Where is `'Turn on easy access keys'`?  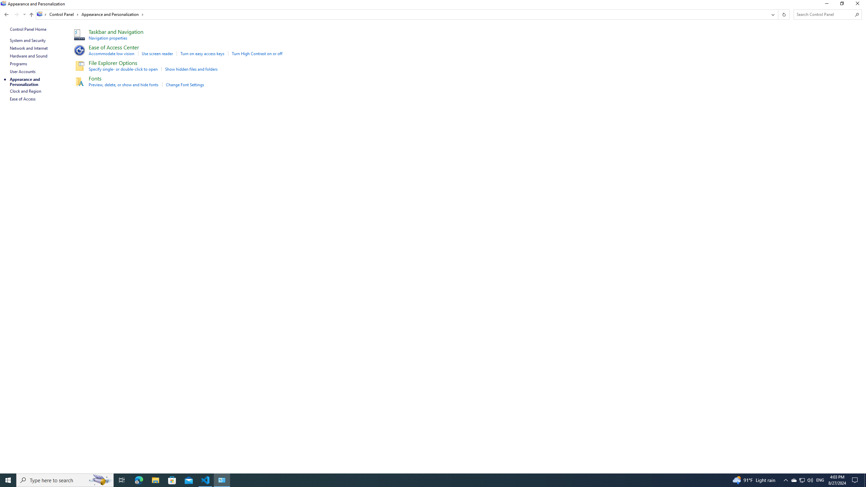 'Turn on easy access keys' is located at coordinates (202, 53).